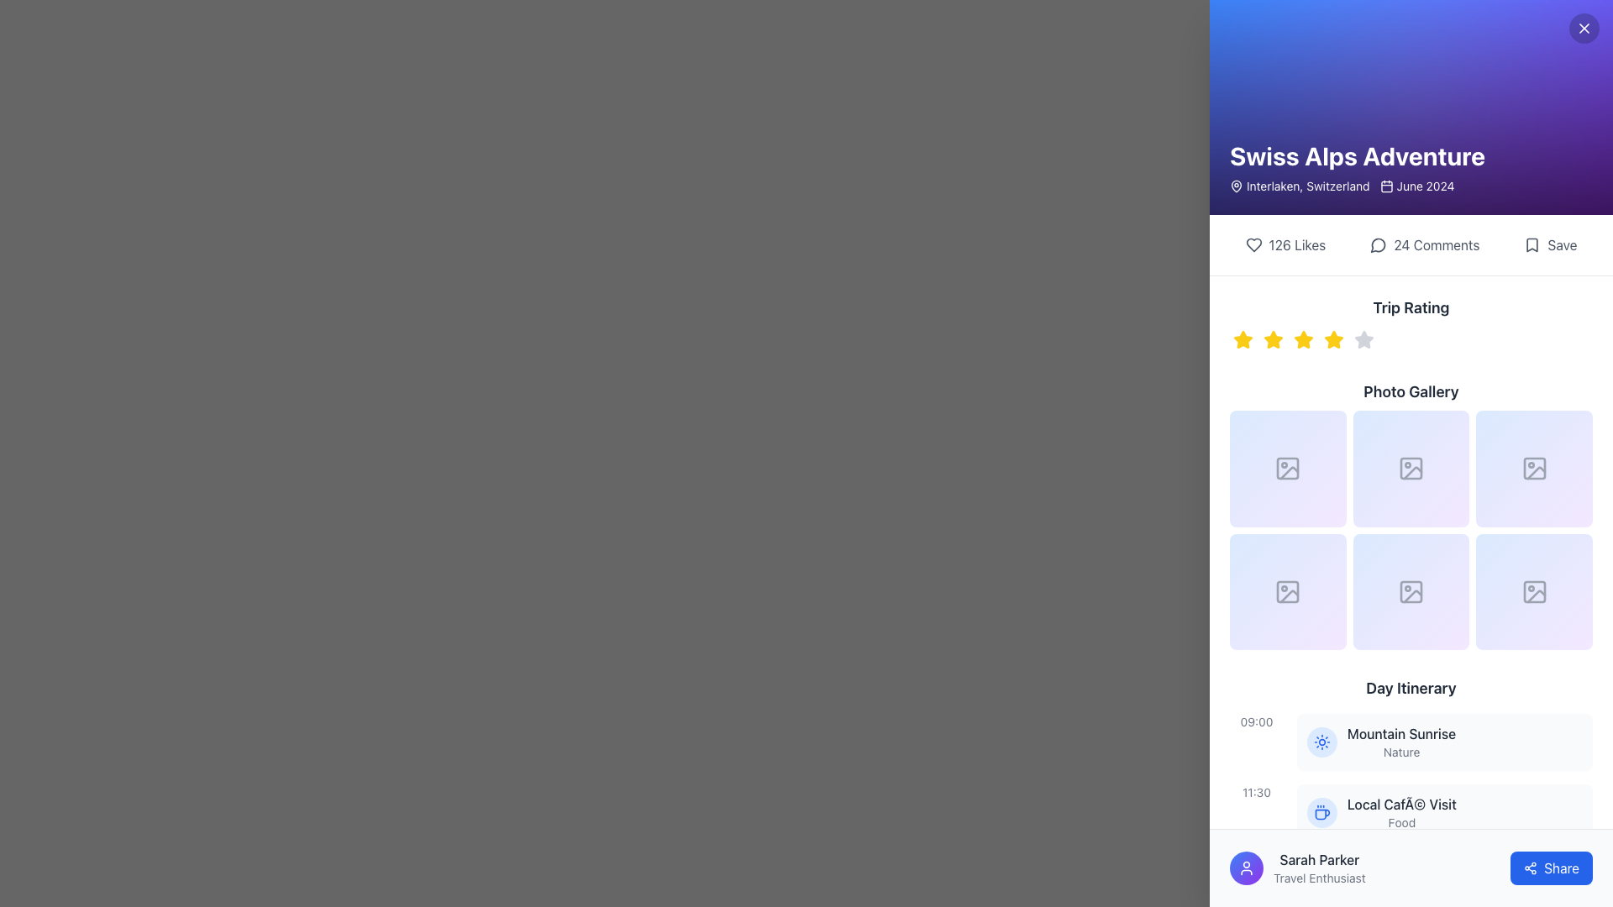 The height and width of the screenshot is (907, 1613). I want to click on the Text Label displaying 'Food', which is a small gray font sub-label under the 'Local Café Visit' title in the 'Day Itinerary' section, so click(1401, 822).